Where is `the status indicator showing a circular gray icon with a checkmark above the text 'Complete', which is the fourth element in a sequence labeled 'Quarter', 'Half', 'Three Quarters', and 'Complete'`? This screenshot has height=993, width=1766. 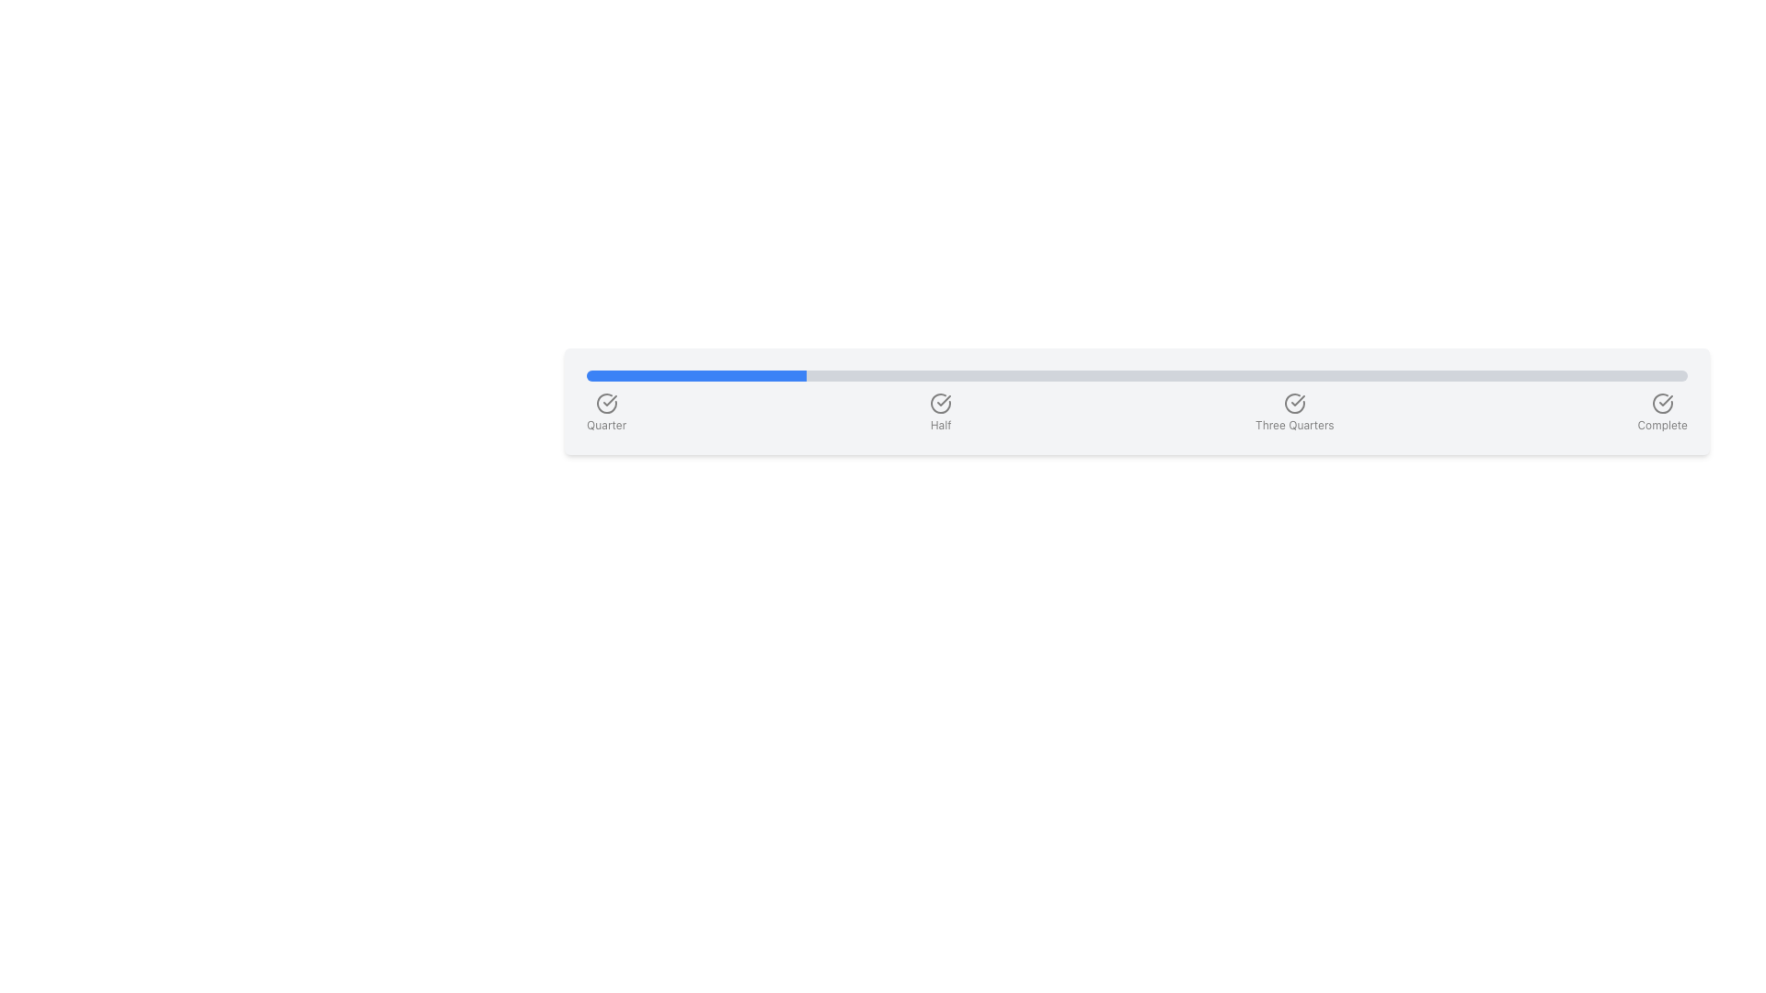
the status indicator showing a circular gray icon with a checkmark above the text 'Complete', which is the fourth element in a sequence labeled 'Quarter', 'Half', 'Three Quarters', and 'Complete' is located at coordinates (1662, 411).